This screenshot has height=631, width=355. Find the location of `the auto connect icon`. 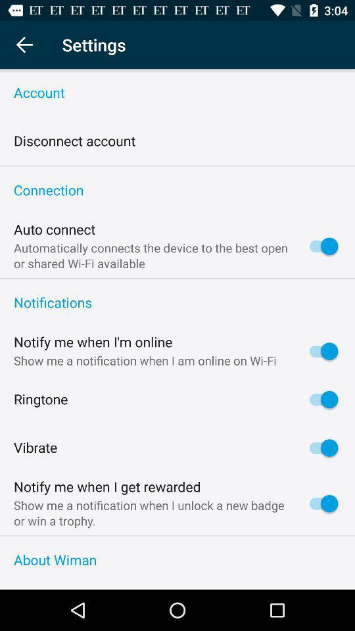

the auto connect icon is located at coordinates (54, 229).